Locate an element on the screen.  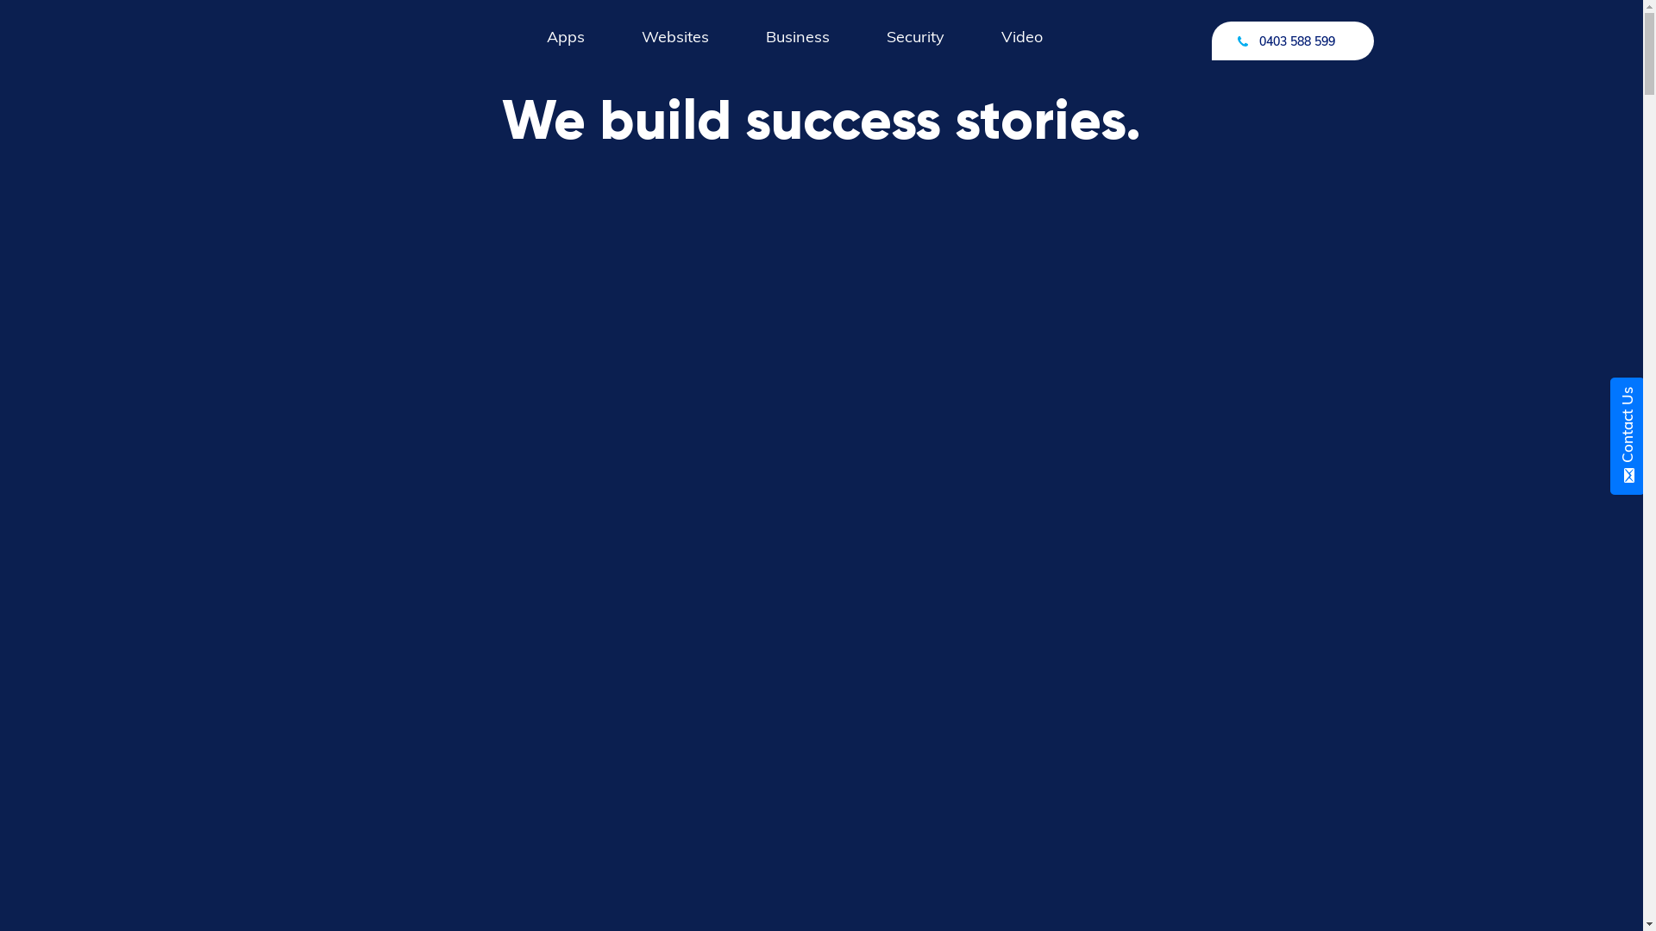
'Security' is located at coordinates (914, 50).